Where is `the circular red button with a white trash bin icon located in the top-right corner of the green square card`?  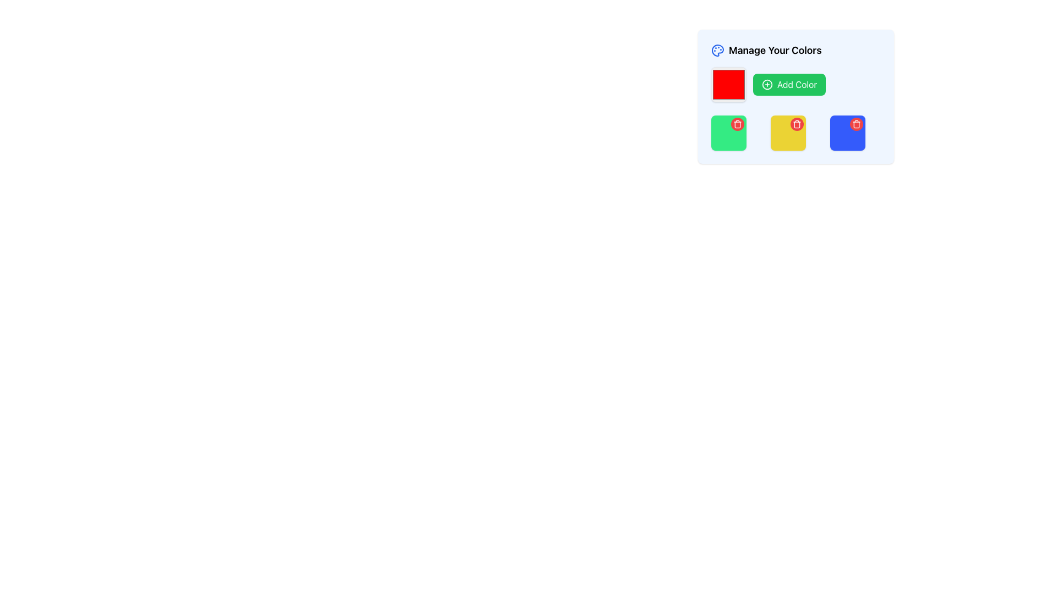 the circular red button with a white trash bin icon located in the top-right corner of the green square card is located at coordinates (737, 124).